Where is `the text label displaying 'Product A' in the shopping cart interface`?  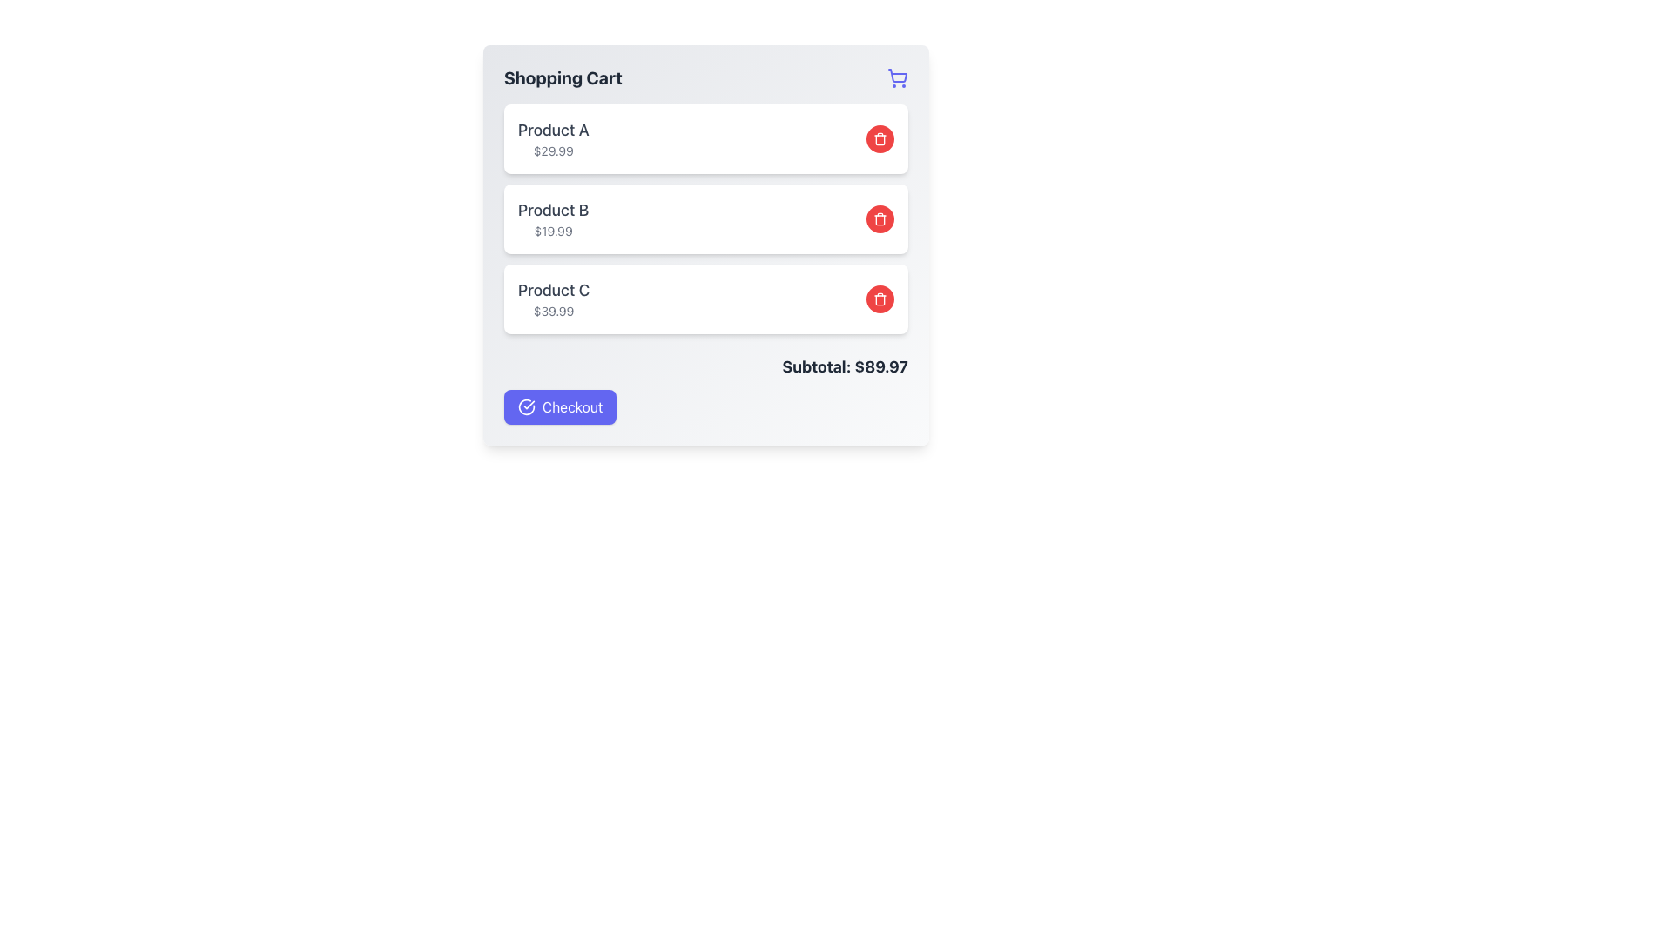
the text label displaying 'Product A' in the shopping cart interface is located at coordinates (552, 130).